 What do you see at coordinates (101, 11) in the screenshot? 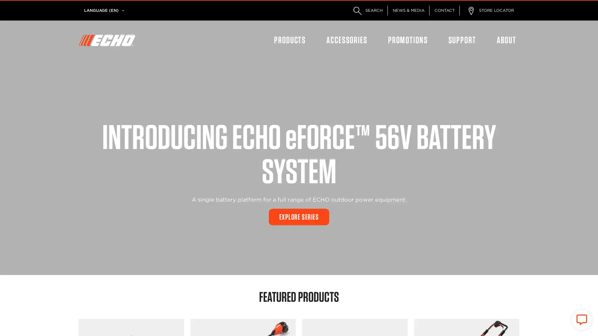
I see `LANGUAGE (EN)` at bounding box center [101, 11].